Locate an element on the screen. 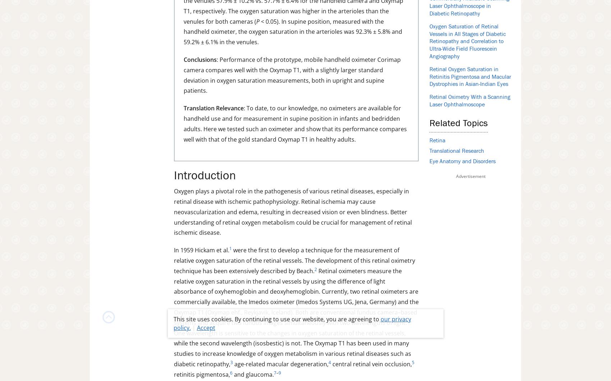  'Oxygen plays a pivotal role in the pathogenesis of various retinal diseases, especially in retinal disease with ischemic pathophysiology. Retinal ischemia may cause neovascularization and edema, resulting in decreased vision or even blindness. Better understanding of retinal oxygen metabolism could be crucial for management of retinal ischemic disease.' is located at coordinates (292, 212).